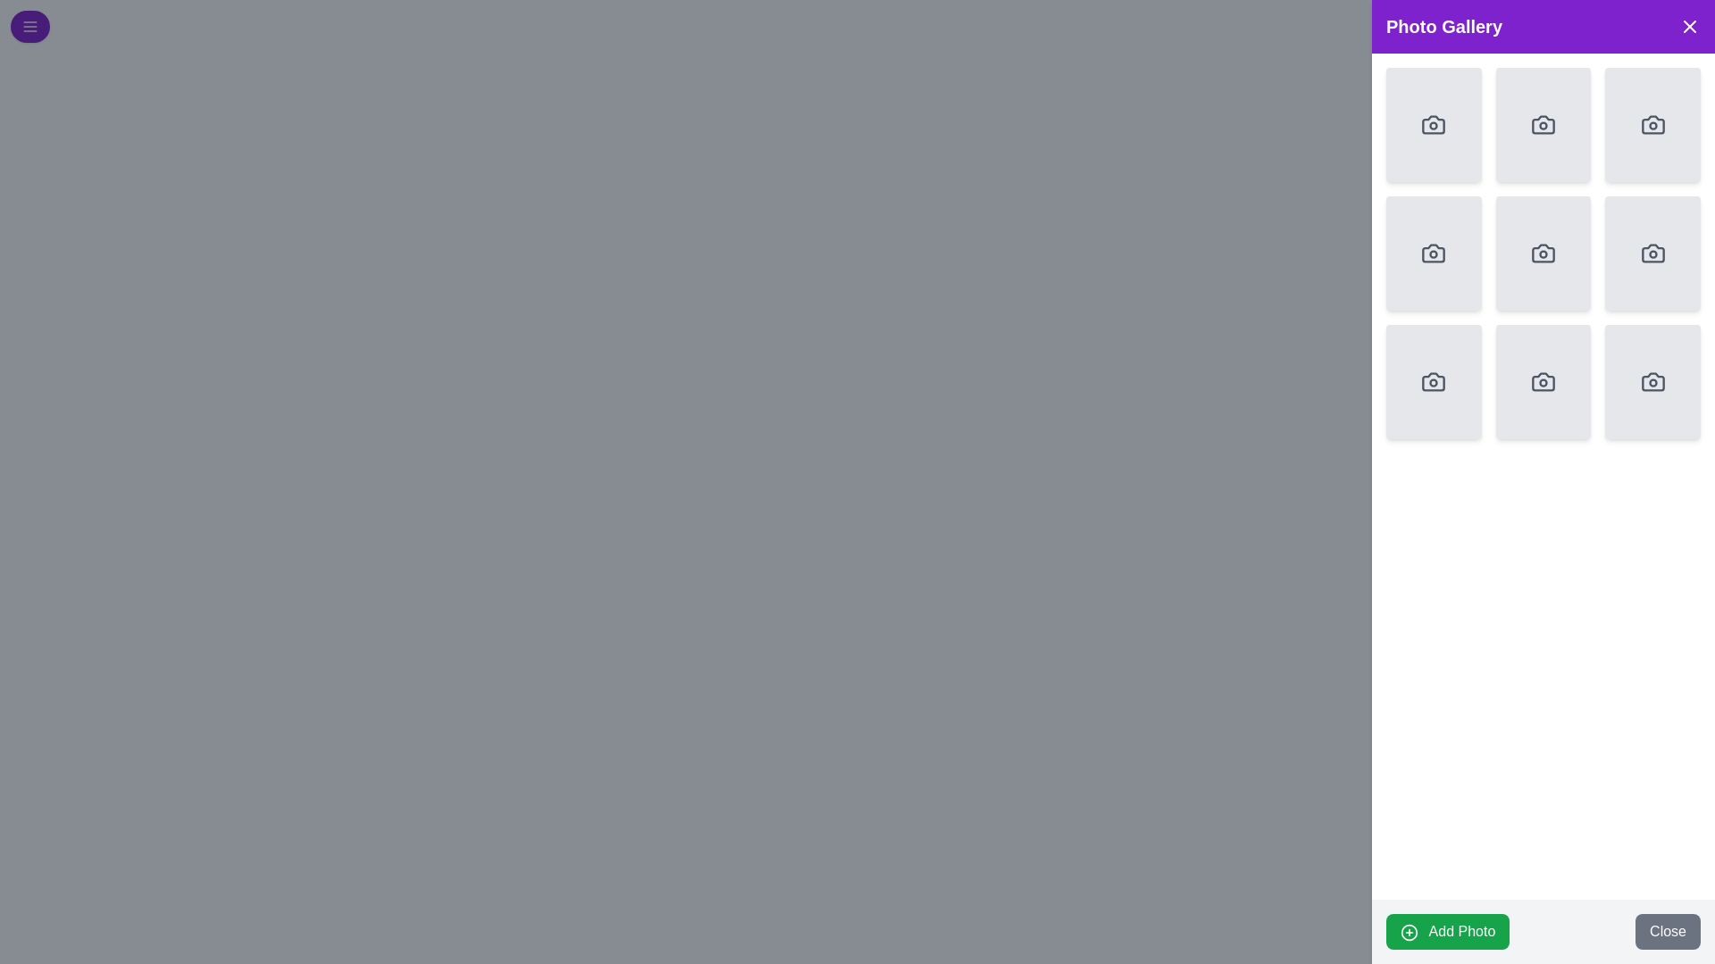 The height and width of the screenshot is (964, 1715). I want to click on the square media placeholder in the lower left corner of the 3x3 grid within the 'Photo Gallery' section to interact with it, so click(1434, 381).